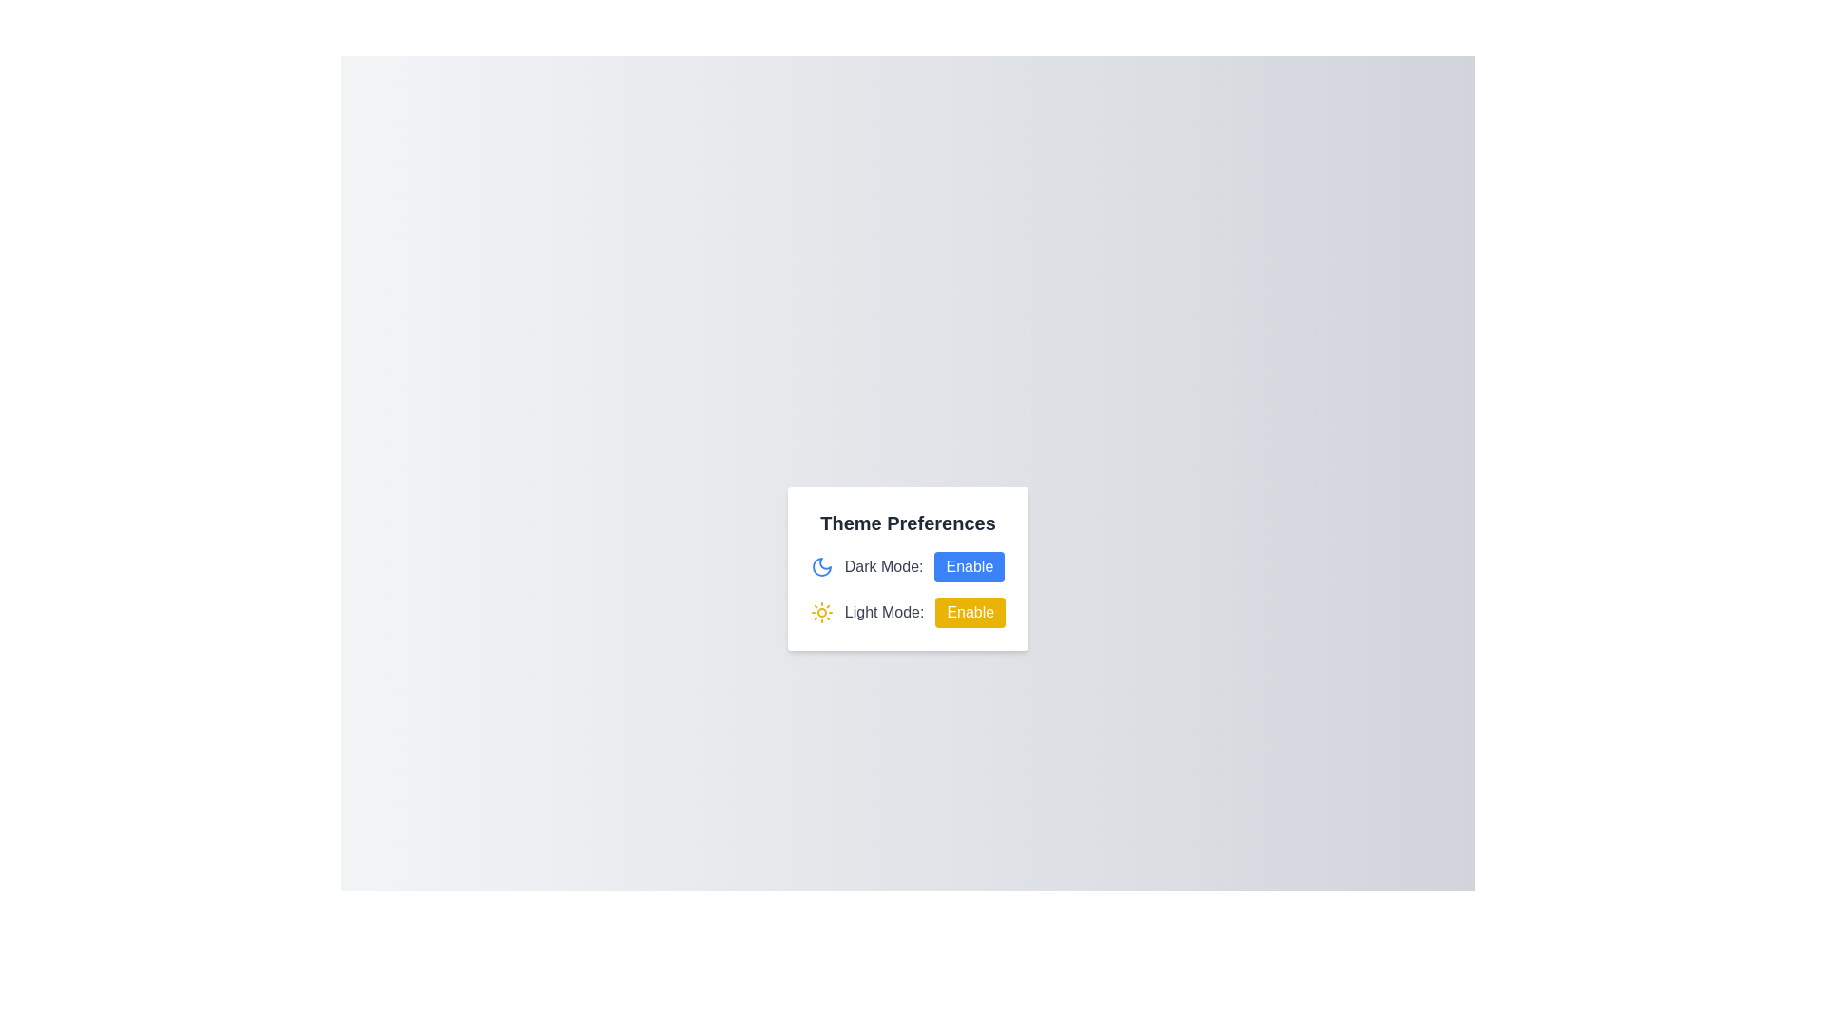 The width and height of the screenshot is (1825, 1026). Describe the element at coordinates (883, 612) in the screenshot. I see `the light mode label that indicates the functionality of the associated toggle option, located to the left of the 'Enable' button in the light theme setting row` at that location.